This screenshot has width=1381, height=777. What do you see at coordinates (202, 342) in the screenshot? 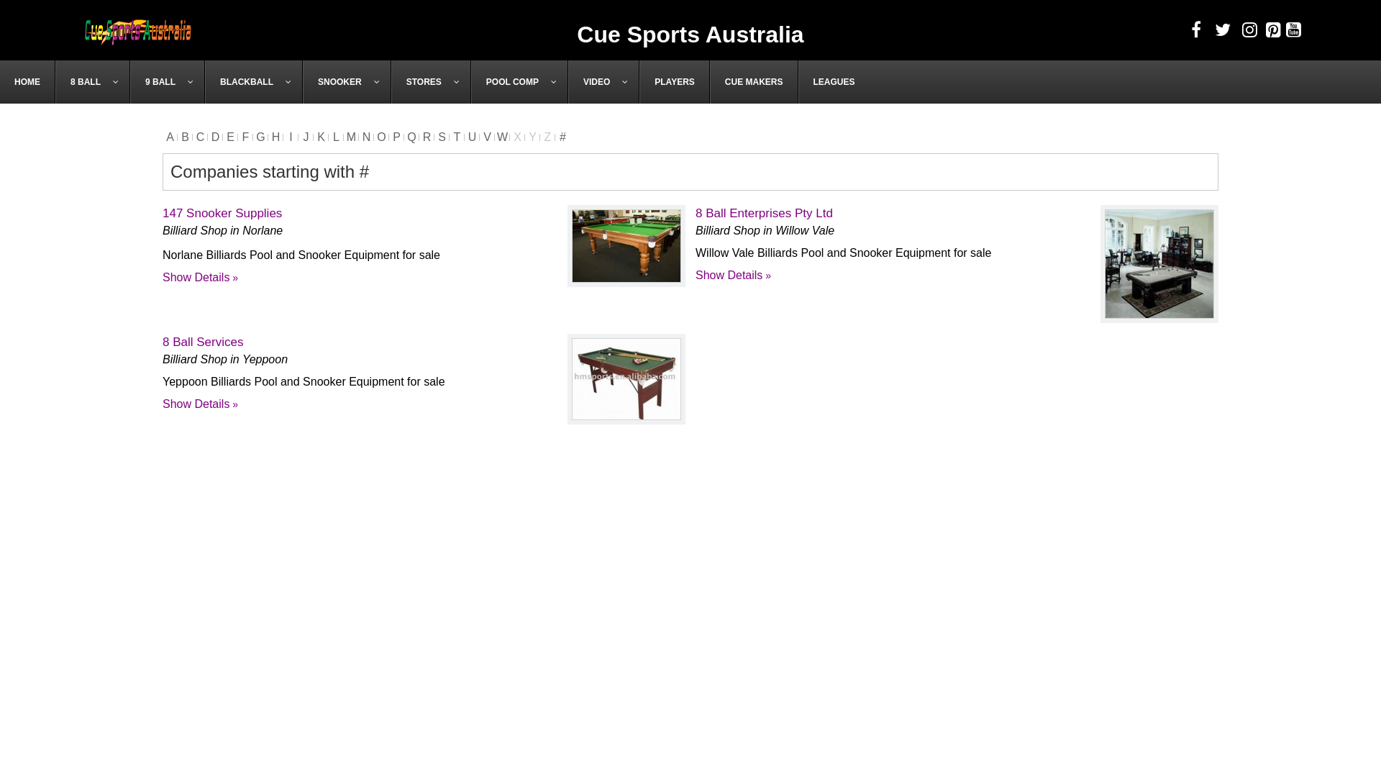
I see `'8 Ball Services'` at bounding box center [202, 342].